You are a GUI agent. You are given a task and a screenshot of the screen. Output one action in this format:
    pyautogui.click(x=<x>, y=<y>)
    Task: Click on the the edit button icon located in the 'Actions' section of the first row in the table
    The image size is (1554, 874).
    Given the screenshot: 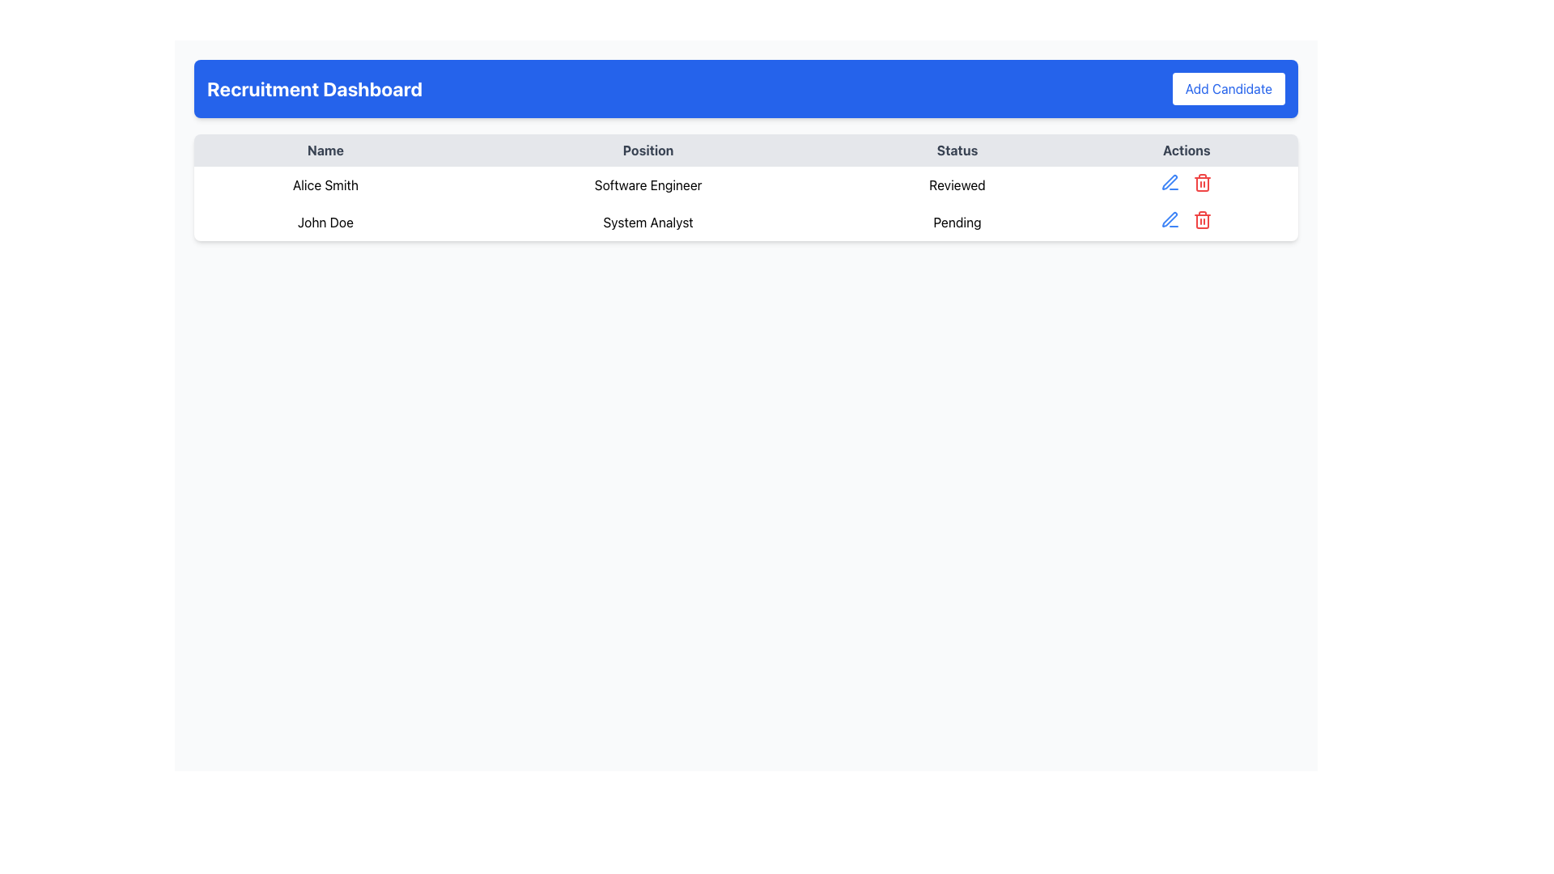 What is the action you would take?
    pyautogui.click(x=1170, y=219)
    